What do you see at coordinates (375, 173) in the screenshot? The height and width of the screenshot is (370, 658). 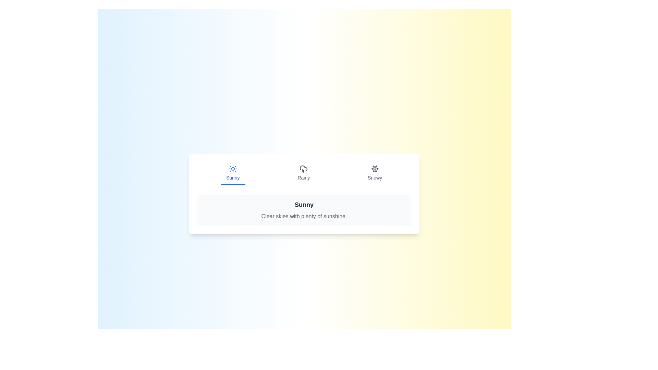 I see `the Snowy weather tab` at bounding box center [375, 173].